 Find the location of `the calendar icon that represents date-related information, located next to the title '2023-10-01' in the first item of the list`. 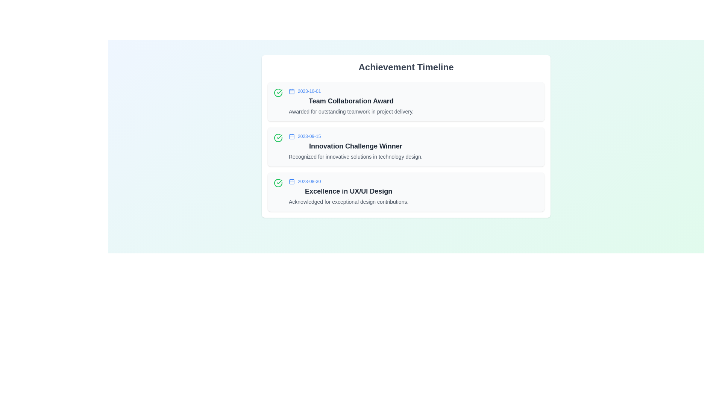

the calendar icon that represents date-related information, located next to the title '2023-10-01' in the first item of the list is located at coordinates (291, 91).